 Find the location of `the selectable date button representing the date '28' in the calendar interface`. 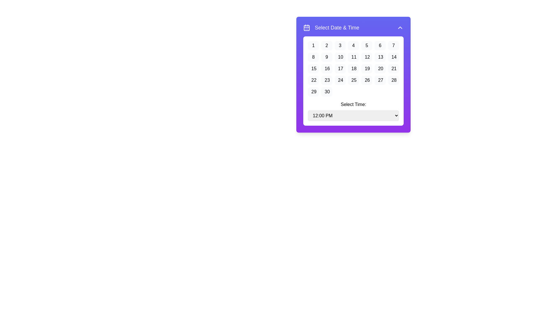

the selectable date button representing the date '28' in the calendar interface is located at coordinates (393, 80).